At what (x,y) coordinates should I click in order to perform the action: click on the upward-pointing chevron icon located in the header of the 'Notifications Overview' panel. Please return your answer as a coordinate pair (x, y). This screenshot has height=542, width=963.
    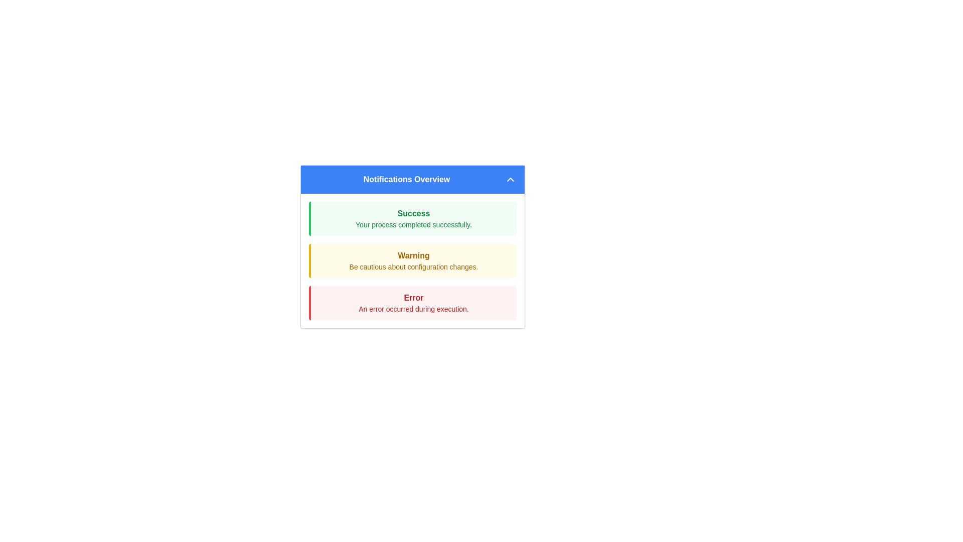
    Looking at the image, I should click on (510, 179).